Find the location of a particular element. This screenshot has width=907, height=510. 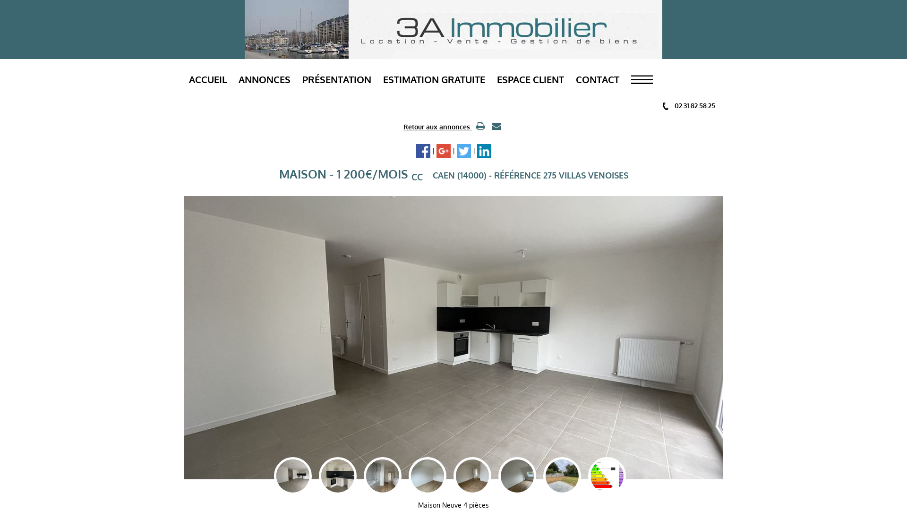

'Retour aux annonces' is located at coordinates (437, 126).